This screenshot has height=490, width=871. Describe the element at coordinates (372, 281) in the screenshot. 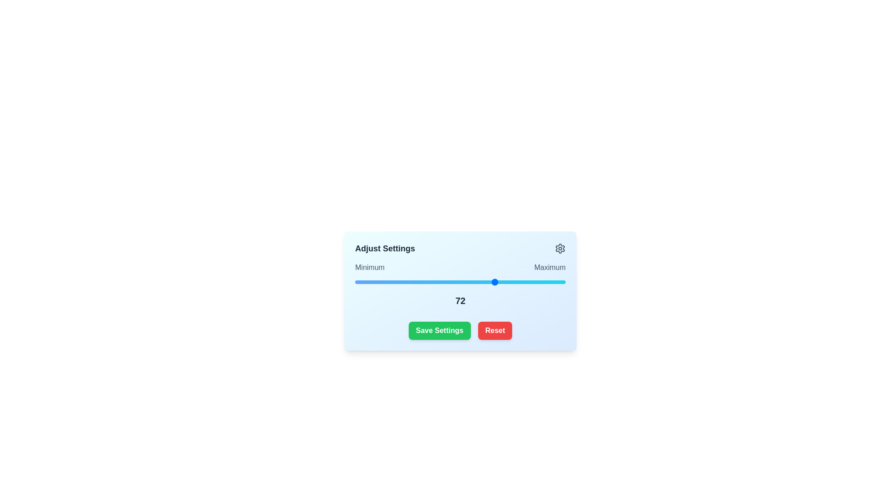

I see `the slider to set its value to 22` at that location.